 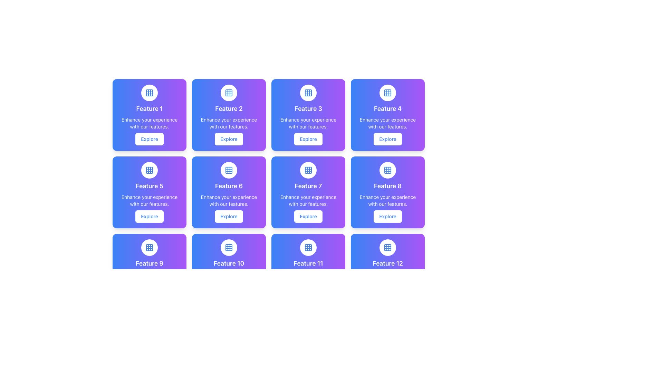 What do you see at coordinates (308, 201) in the screenshot?
I see `informational text label located in the third row and third column of the grid within the 'Feature 7' panel, positioned above the 'Explore' button` at bounding box center [308, 201].